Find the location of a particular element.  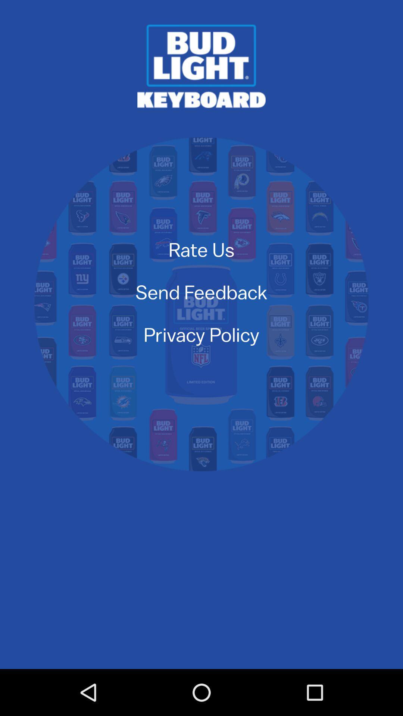

the item below the rate us is located at coordinates (201, 291).